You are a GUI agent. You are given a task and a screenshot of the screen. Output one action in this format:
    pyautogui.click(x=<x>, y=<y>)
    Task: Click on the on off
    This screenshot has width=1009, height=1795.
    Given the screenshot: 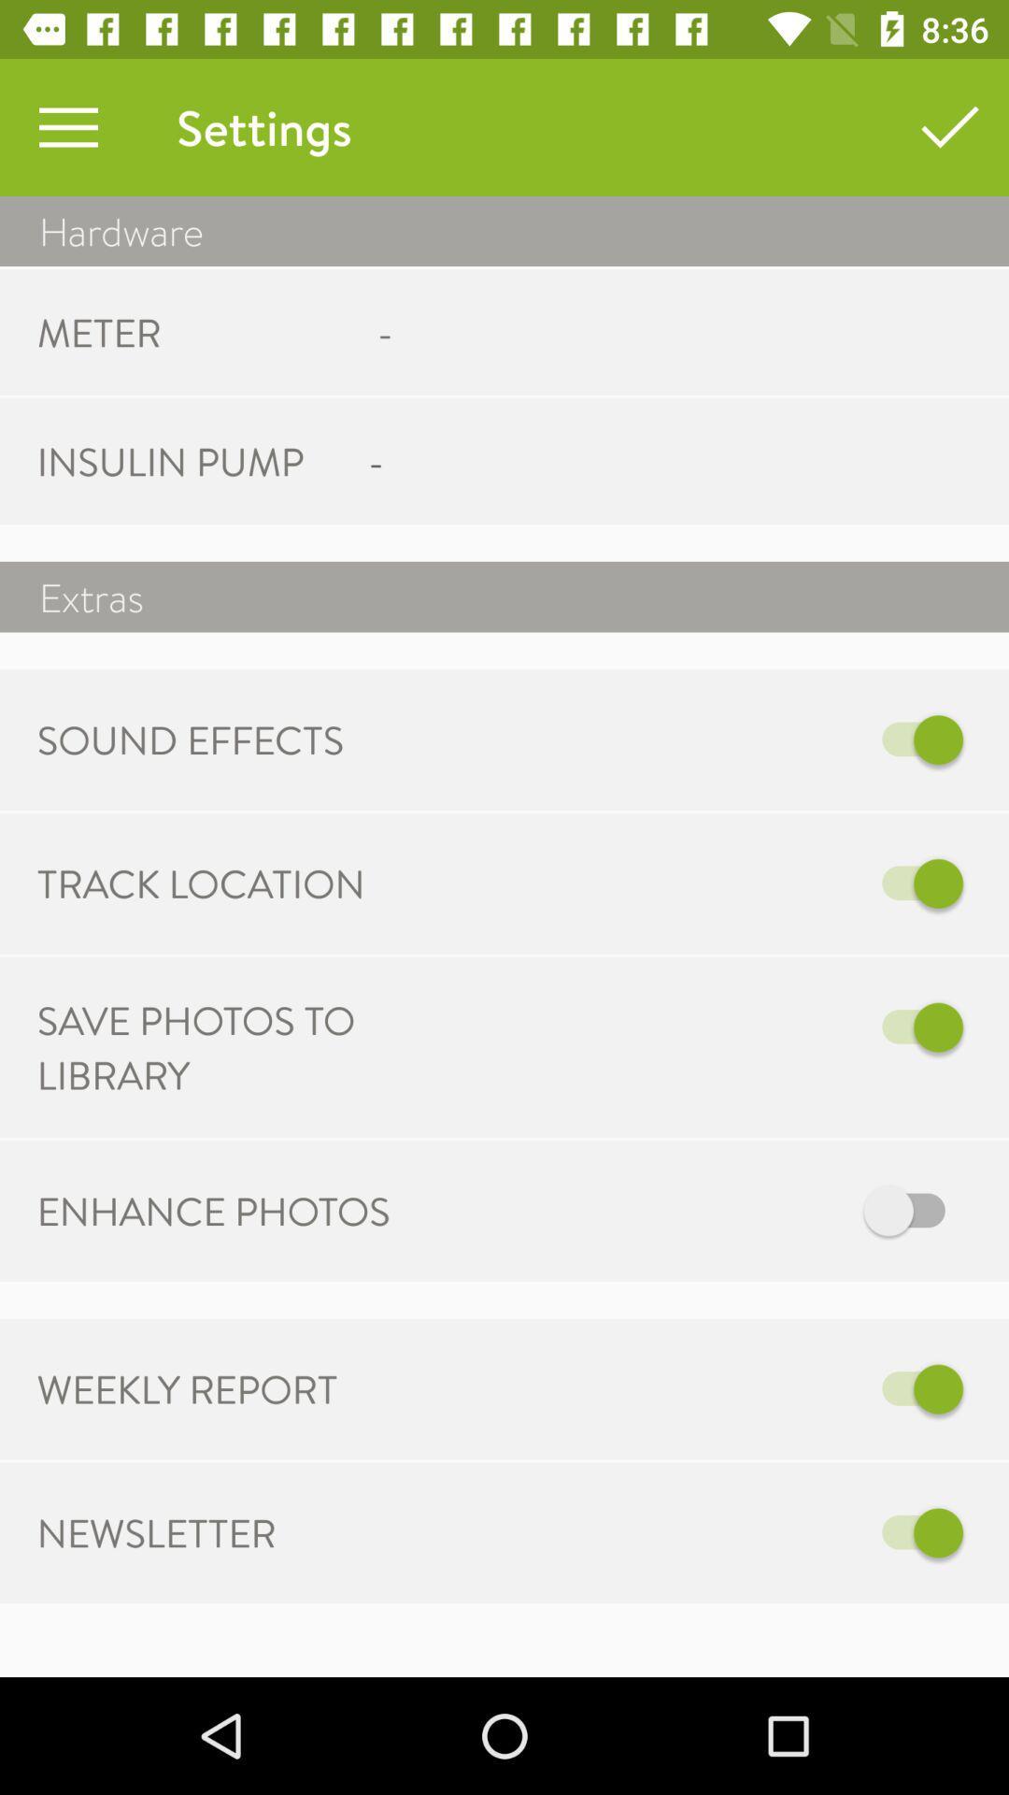 What is the action you would take?
    pyautogui.click(x=698, y=883)
    